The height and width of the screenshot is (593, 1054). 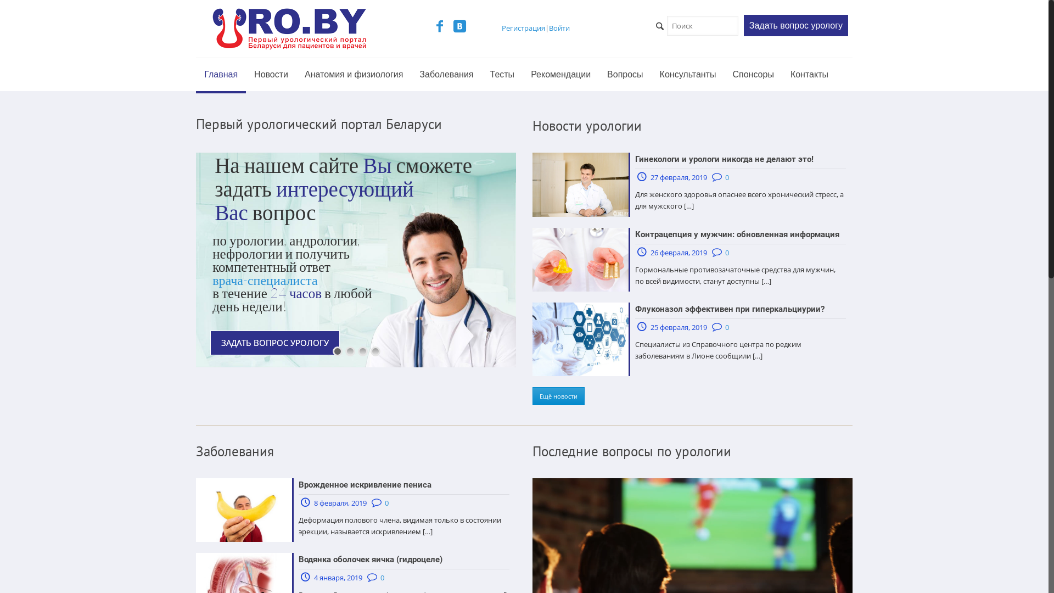 What do you see at coordinates (440, 27) in the screenshot?
I see `'Facebook'` at bounding box center [440, 27].